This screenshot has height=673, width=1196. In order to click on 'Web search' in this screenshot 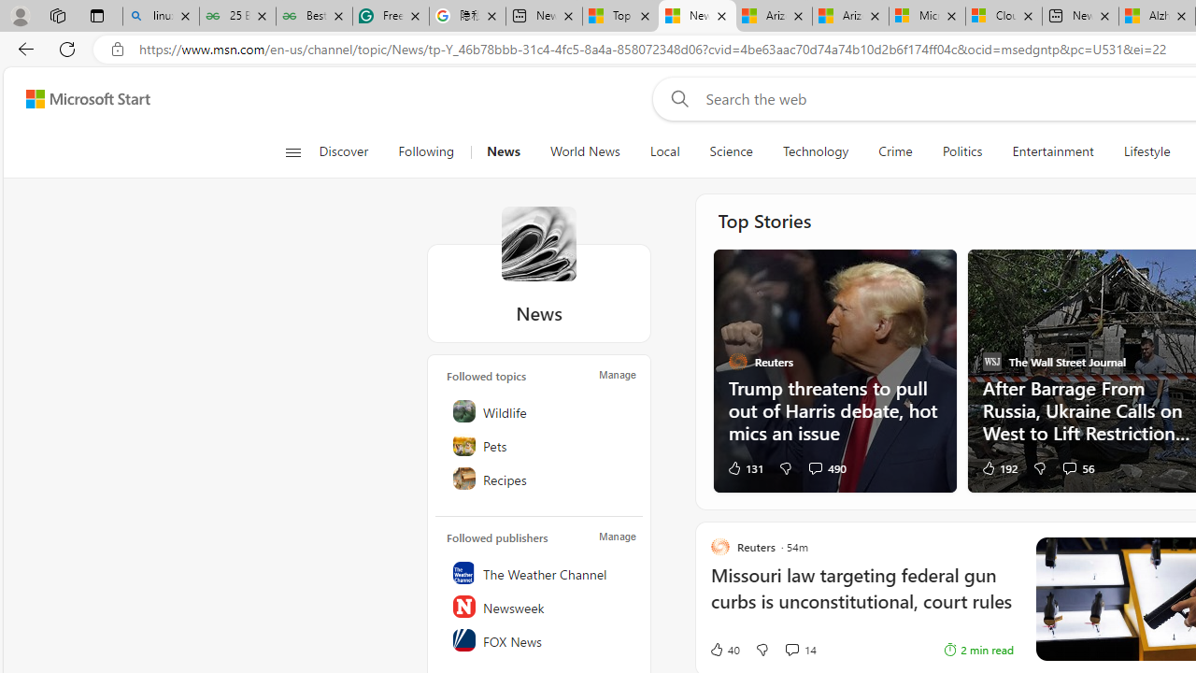, I will do `click(676, 98)`.